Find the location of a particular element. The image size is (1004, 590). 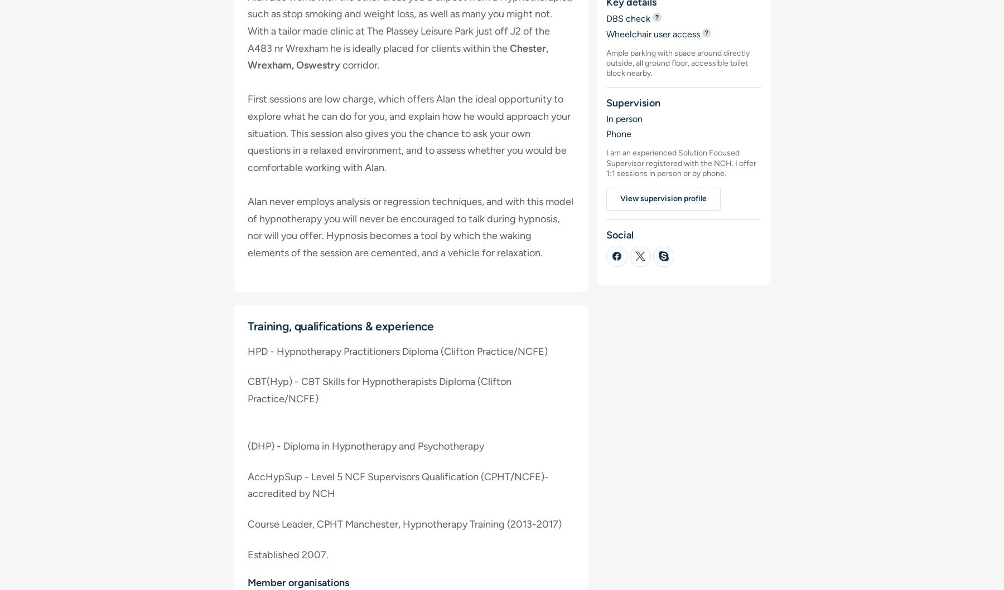

'AccHypSup - Level 5 NCF Supervisors Qualification (CPHT/NCFE)-accredited by NCH' is located at coordinates (398, 485).